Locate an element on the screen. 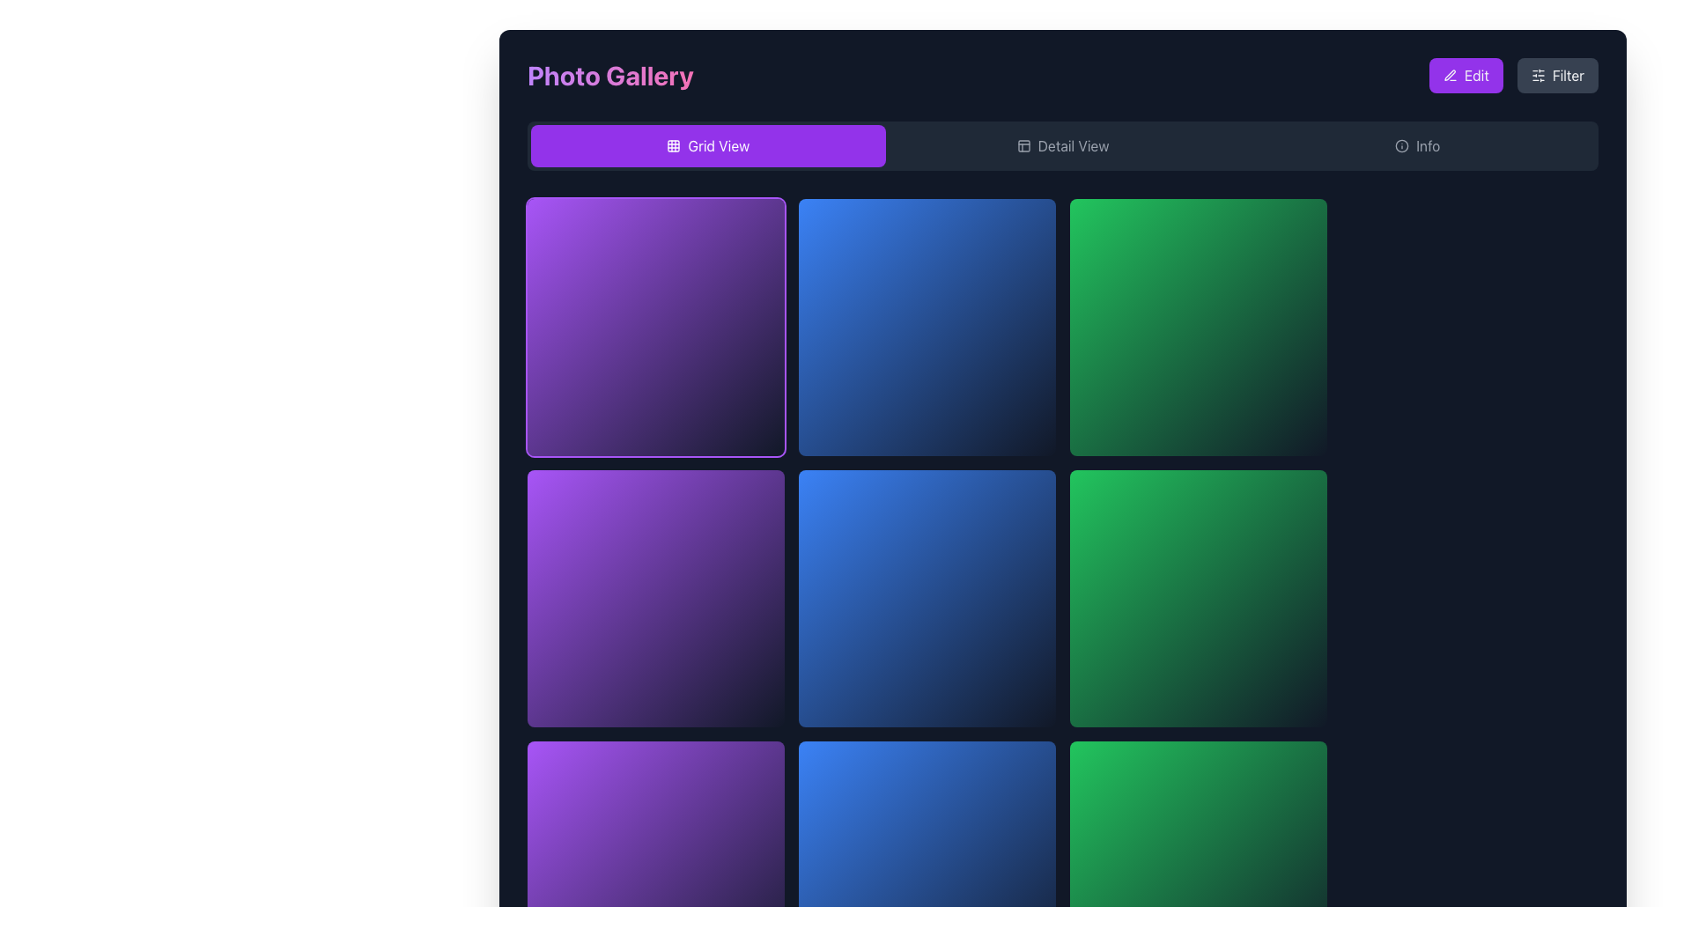 Image resolution: width=1691 pixels, height=951 pixels. the 'favorite' or 'like' button located in the top-right corner of the grid item in the Photo Gallery interface is located at coordinates (1306, 491).